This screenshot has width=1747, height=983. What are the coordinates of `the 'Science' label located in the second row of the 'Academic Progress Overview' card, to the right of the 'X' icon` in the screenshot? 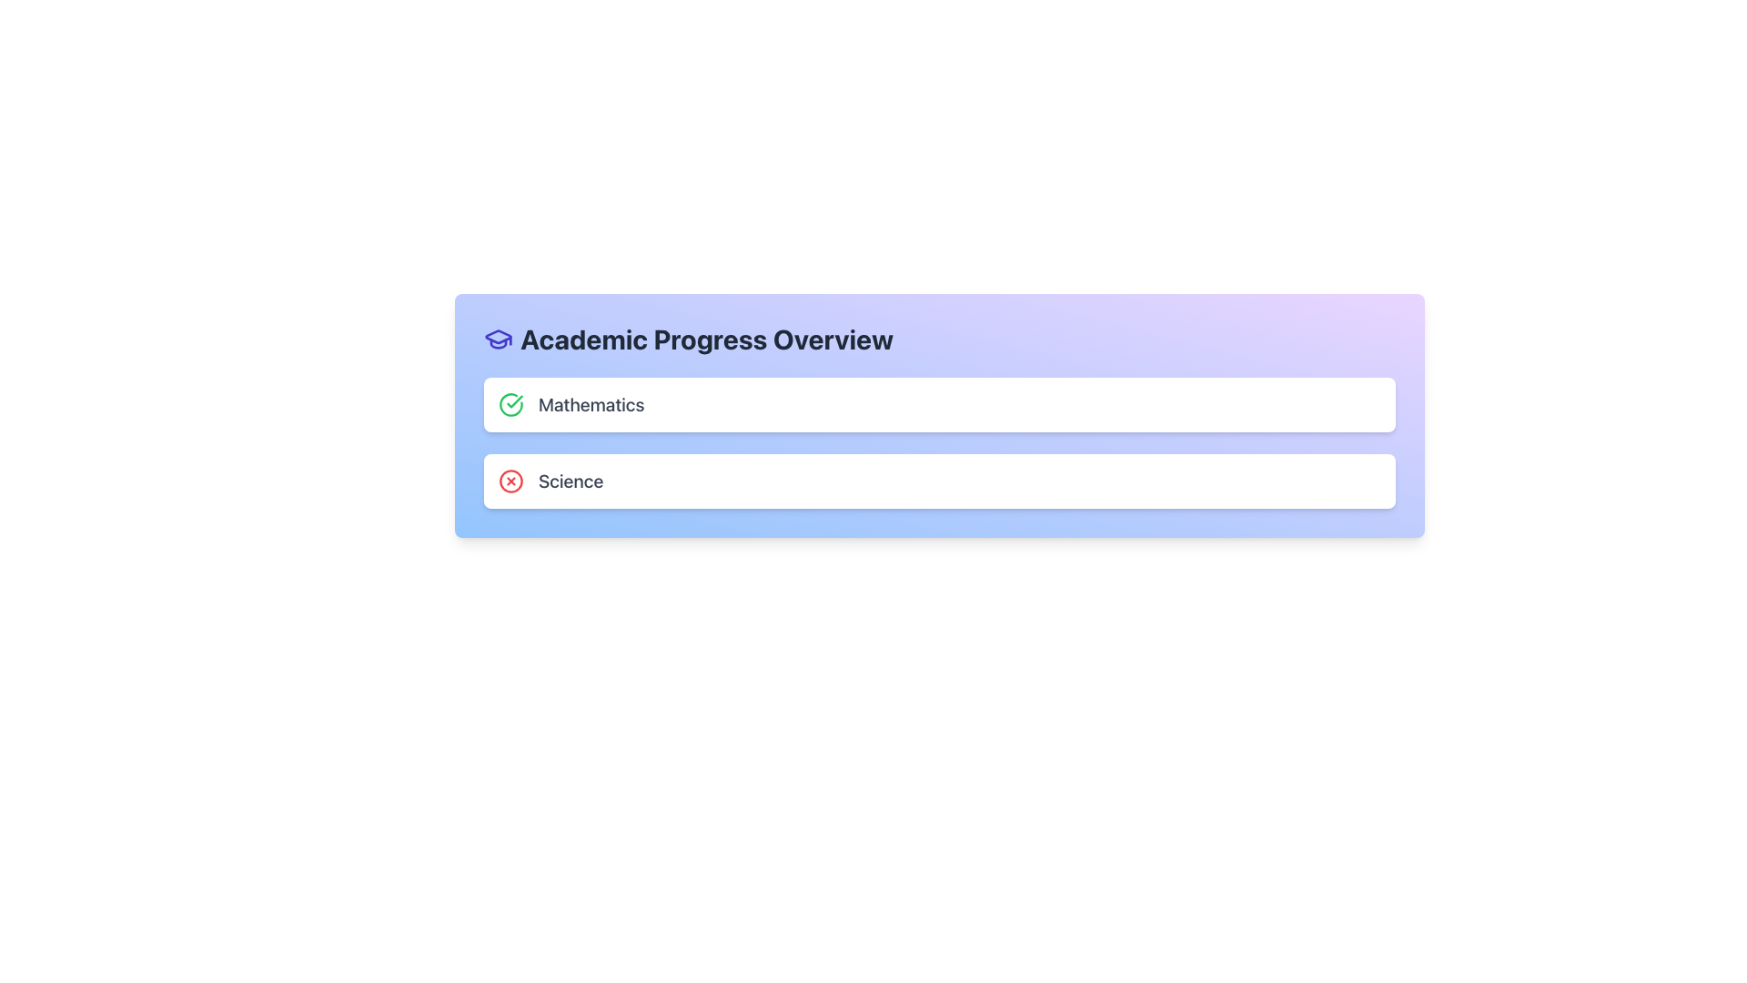 It's located at (570, 480).